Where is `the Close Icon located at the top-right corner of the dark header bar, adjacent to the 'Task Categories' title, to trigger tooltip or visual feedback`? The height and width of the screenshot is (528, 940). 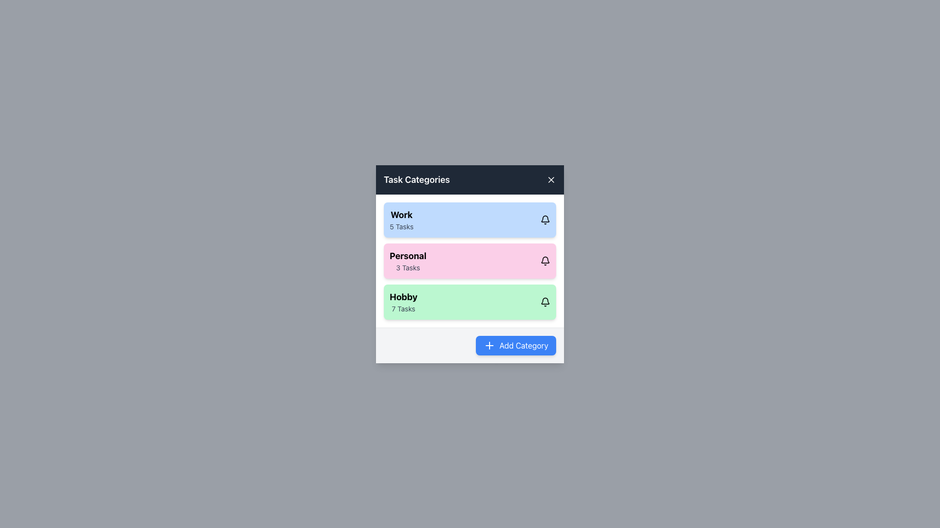
the Close Icon located at the top-right corner of the dark header bar, adjacent to the 'Task Categories' title, to trigger tooltip or visual feedback is located at coordinates (551, 179).